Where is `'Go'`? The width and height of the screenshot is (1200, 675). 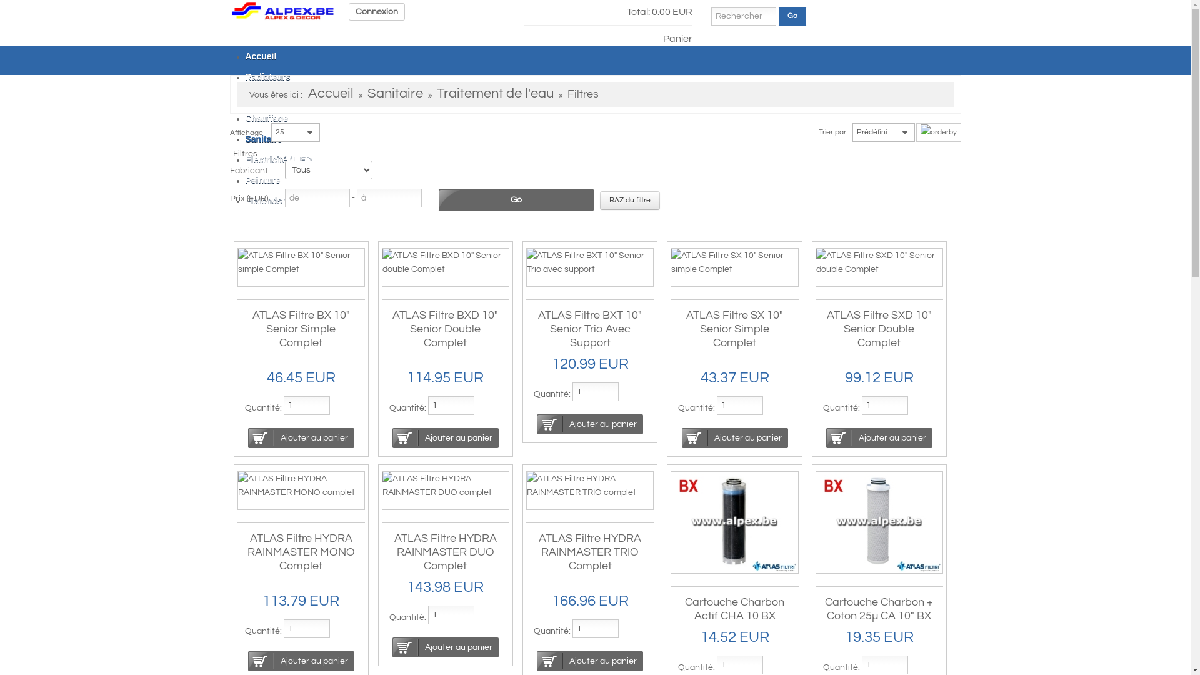
'Go' is located at coordinates (791, 16).